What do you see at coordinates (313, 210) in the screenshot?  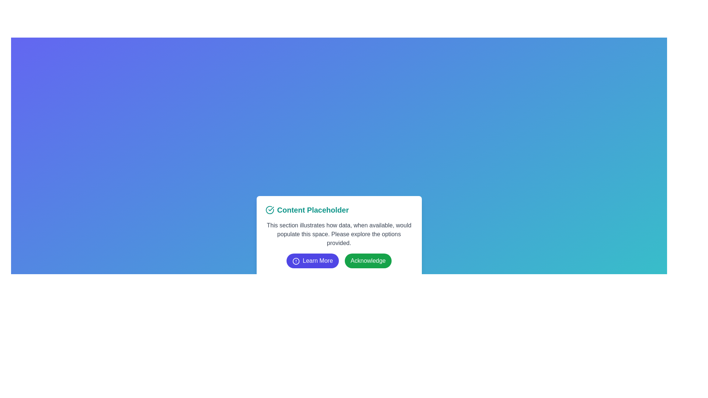 I see `the Text label that displays 'Content Placeholder', which is styled in bold and large font, located near the top center of a white card with a teal checkmark icon to its left` at bounding box center [313, 210].